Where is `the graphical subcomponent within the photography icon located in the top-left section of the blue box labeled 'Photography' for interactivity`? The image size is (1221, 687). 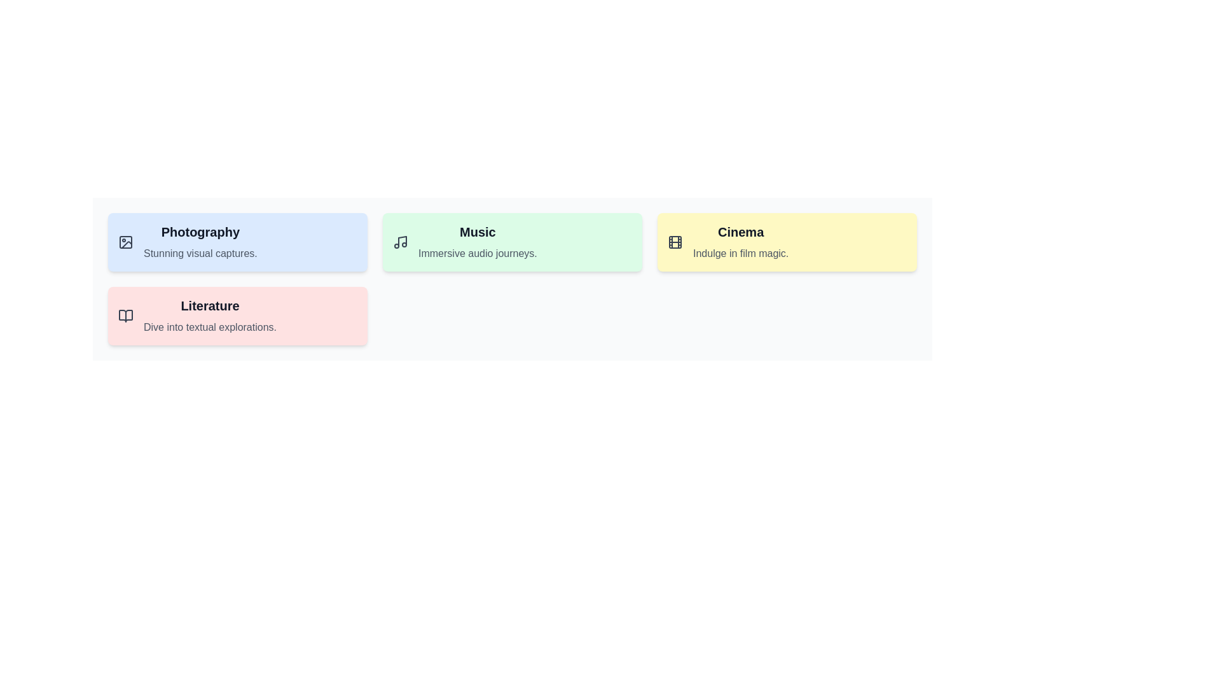 the graphical subcomponent within the photography icon located in the top-left section of the blue box labeled 'Photography' for interactivity is located at coordinates (125, 242).